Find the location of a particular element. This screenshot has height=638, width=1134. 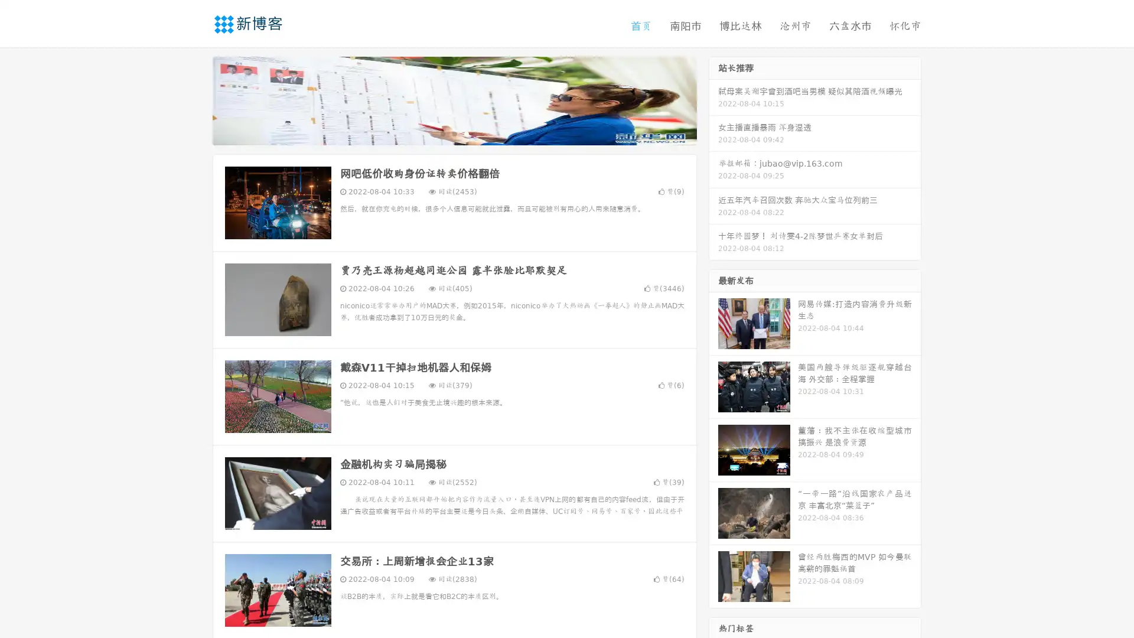

Next slide is located at coordinates (713, 99).